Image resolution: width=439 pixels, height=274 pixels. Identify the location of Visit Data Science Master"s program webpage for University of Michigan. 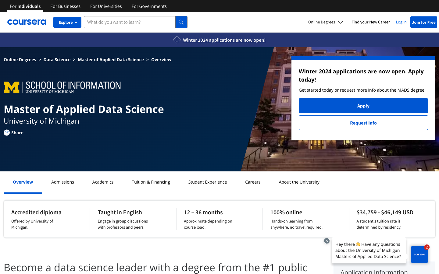
(57, 59).